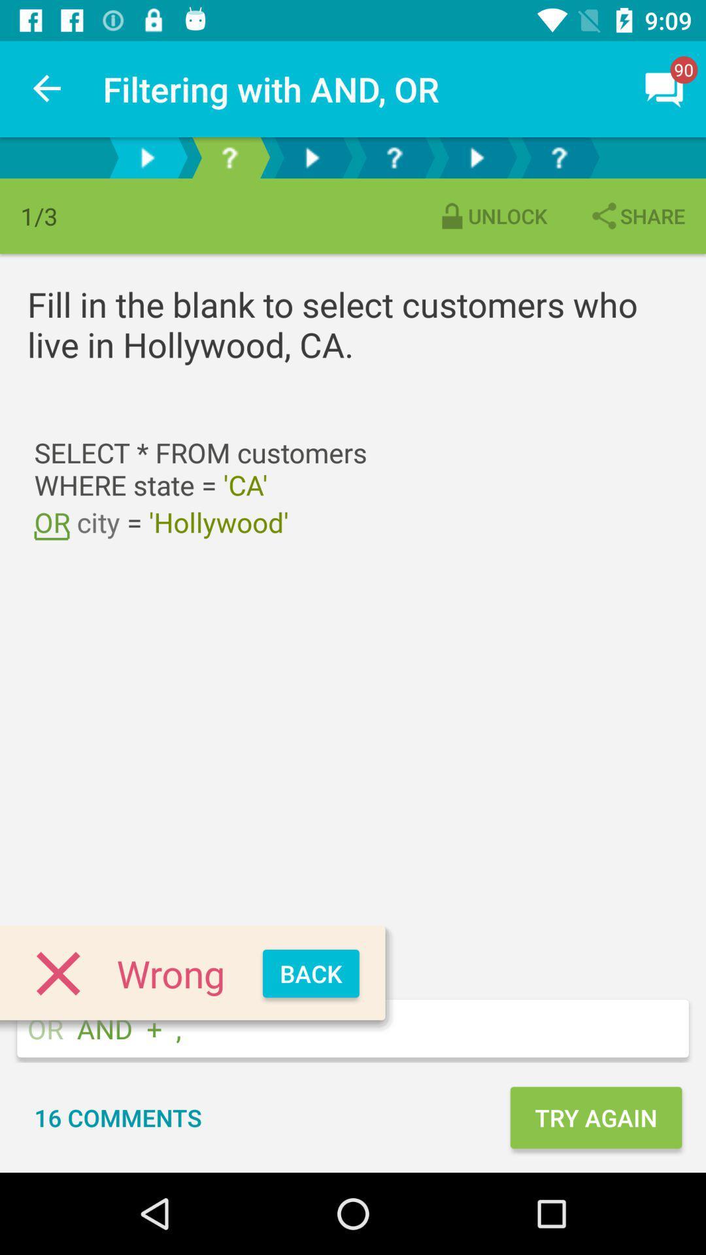 The image size is (706, 1255). I want to click on ask questions, so click(559, 157).